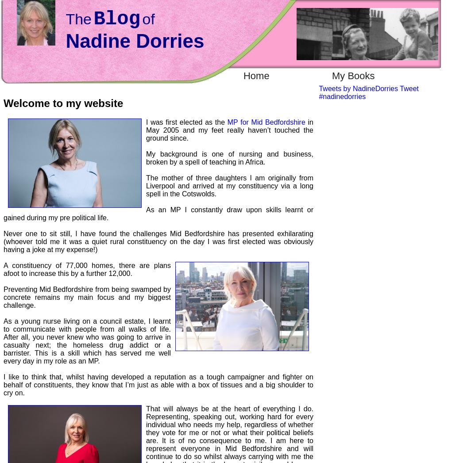 This screenshot has height=463, width=467. I want to click on 'I was first elected as the', so click(186, 122).